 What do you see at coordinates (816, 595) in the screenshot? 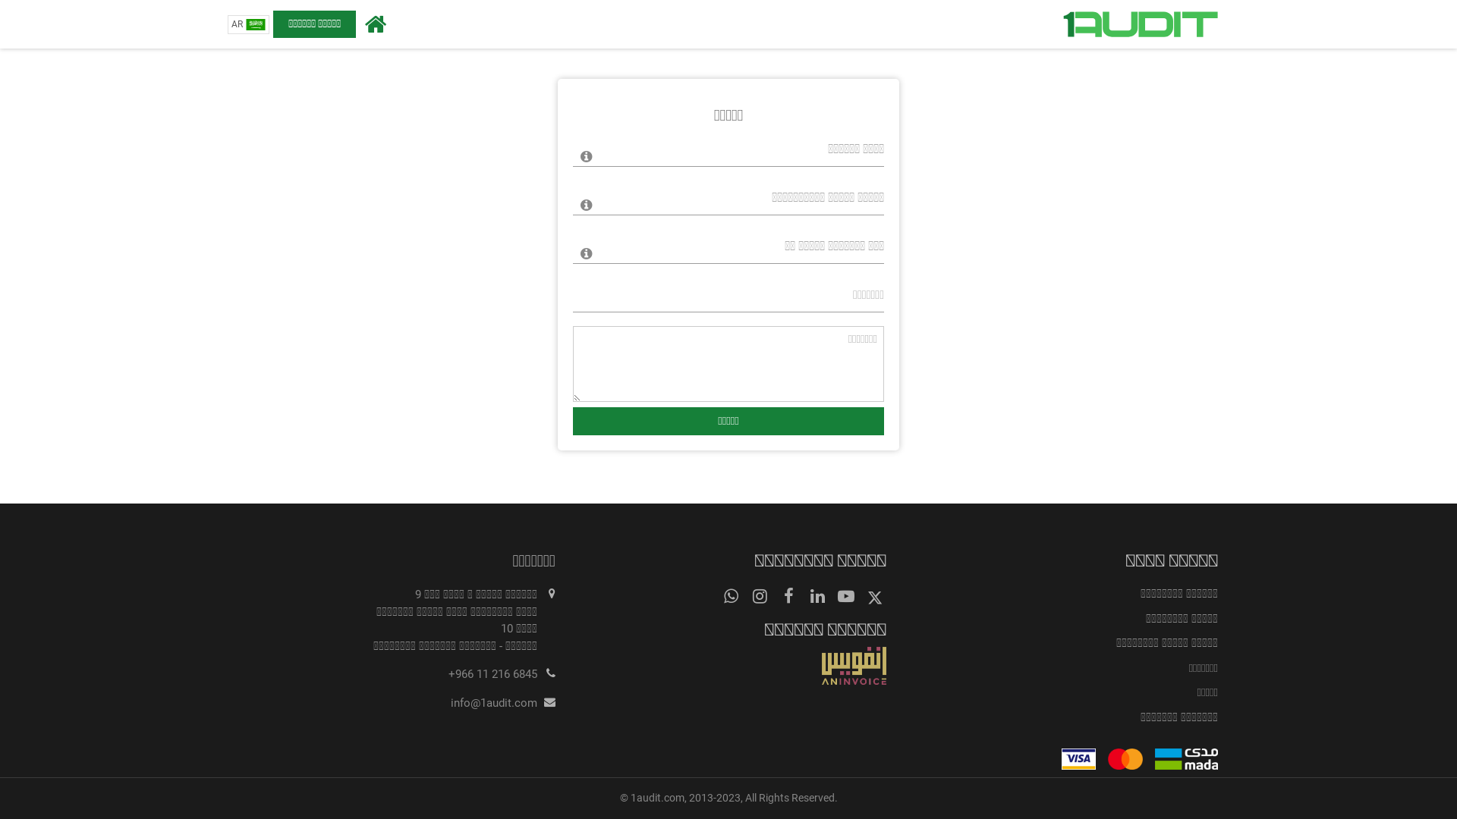
I see `'LinkedIn'` at bounding box center [816, 595].